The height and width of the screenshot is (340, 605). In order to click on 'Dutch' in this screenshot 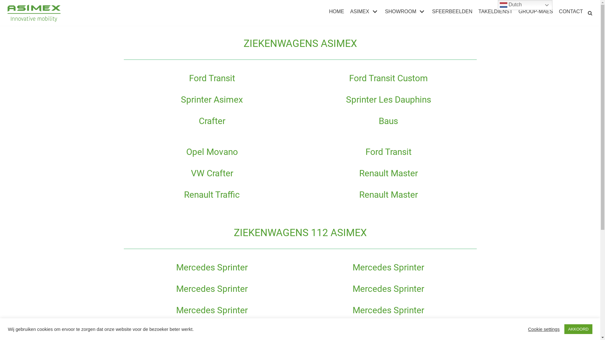, I will do `click(525, 5)`.